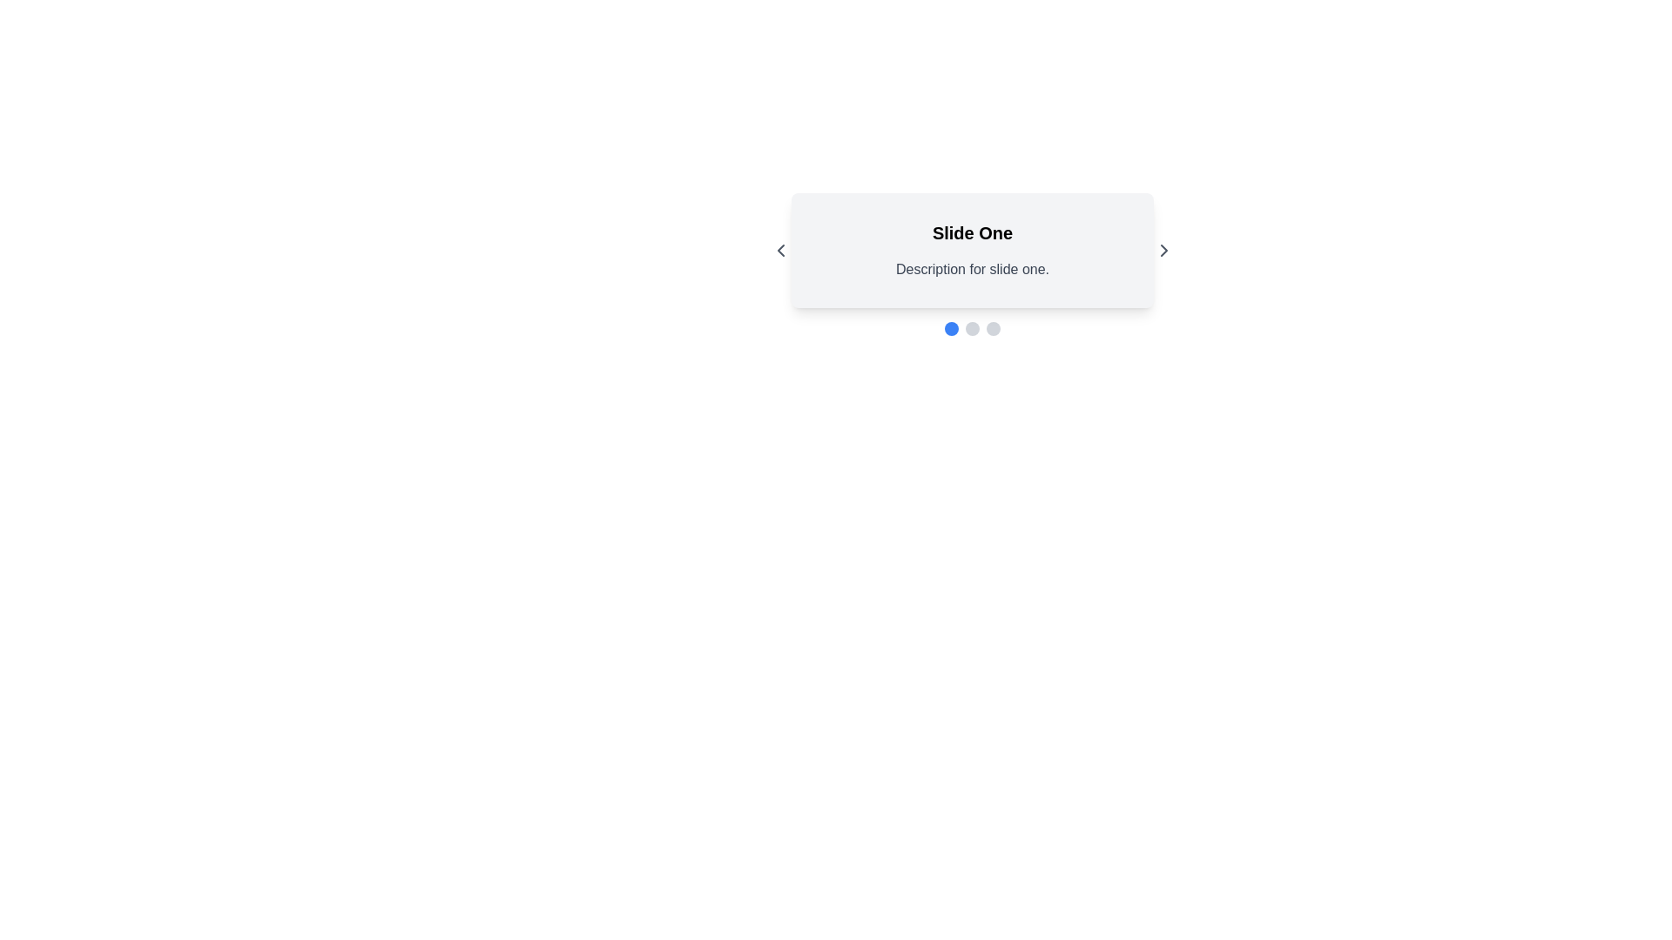 The height and width of the screenshot is (940, 1672). What do you see at coordinates (951, 329) in the screenshot?
I see `the first blue indicator dot in the carousel below the 'Slide One' card` at bounding box center [951, 329].